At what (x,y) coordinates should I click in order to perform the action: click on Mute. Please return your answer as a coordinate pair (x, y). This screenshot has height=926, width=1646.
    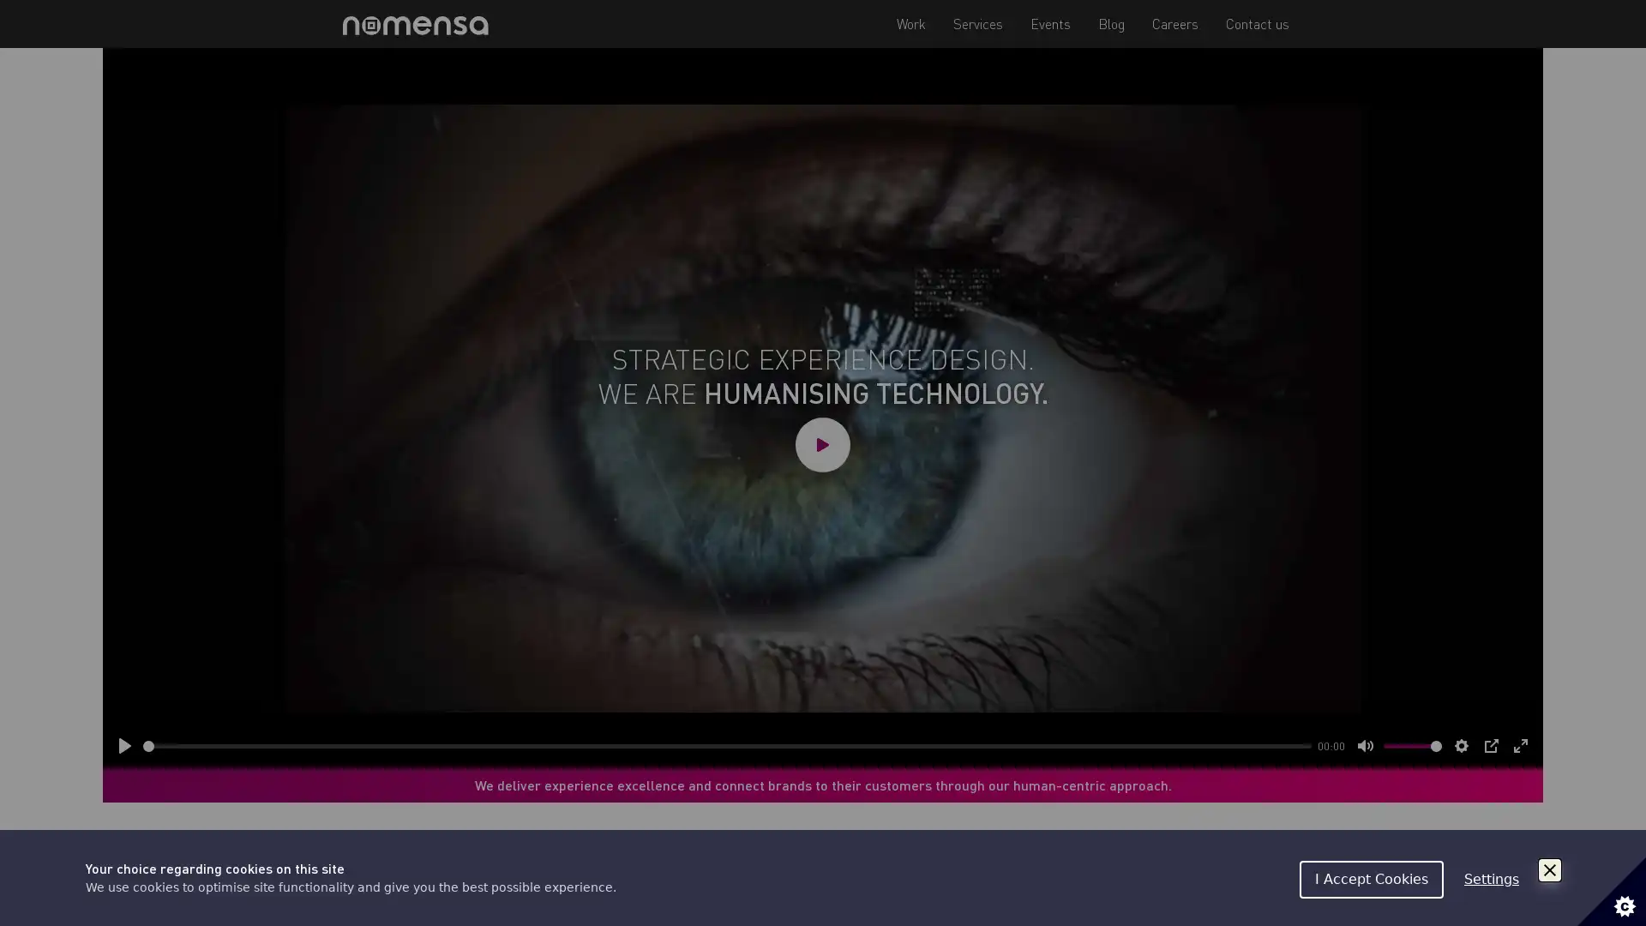
    Looking at the image, I should click on (1364, 745).